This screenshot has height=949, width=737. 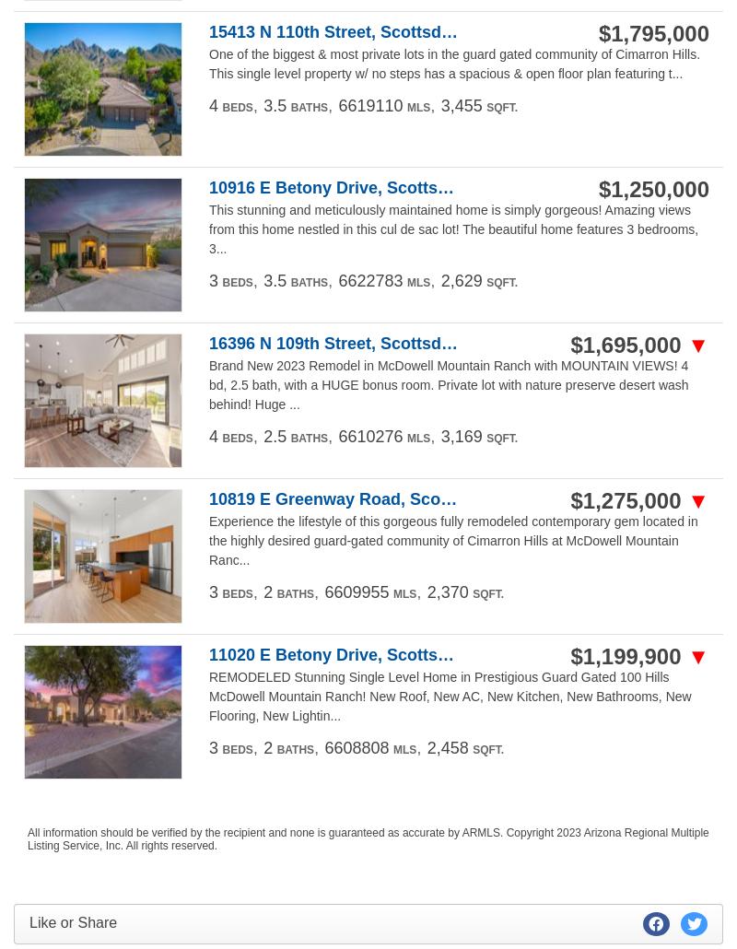 What do you see at coordinates (454, 63) in the screenshot?
I see `'One of the biggest & most private lots in the guard gated community of Cimarron Hills. This single level property w/ no steps has a spacious & open floor plan featuring t...'` at bounding box center [454, 63].